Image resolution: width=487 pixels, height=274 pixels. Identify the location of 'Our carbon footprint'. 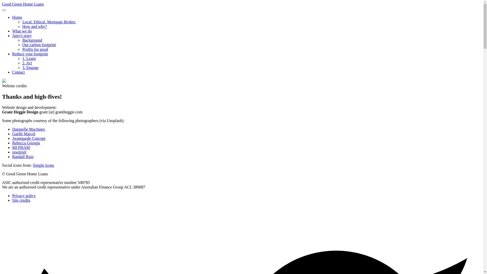
(22, 44).